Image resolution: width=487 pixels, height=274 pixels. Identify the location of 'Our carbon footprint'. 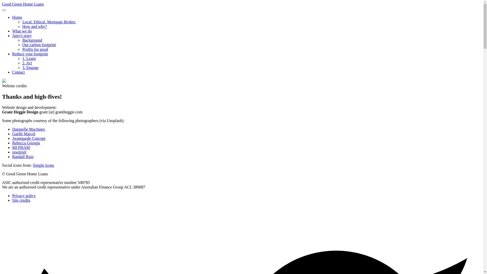
(22, 44).